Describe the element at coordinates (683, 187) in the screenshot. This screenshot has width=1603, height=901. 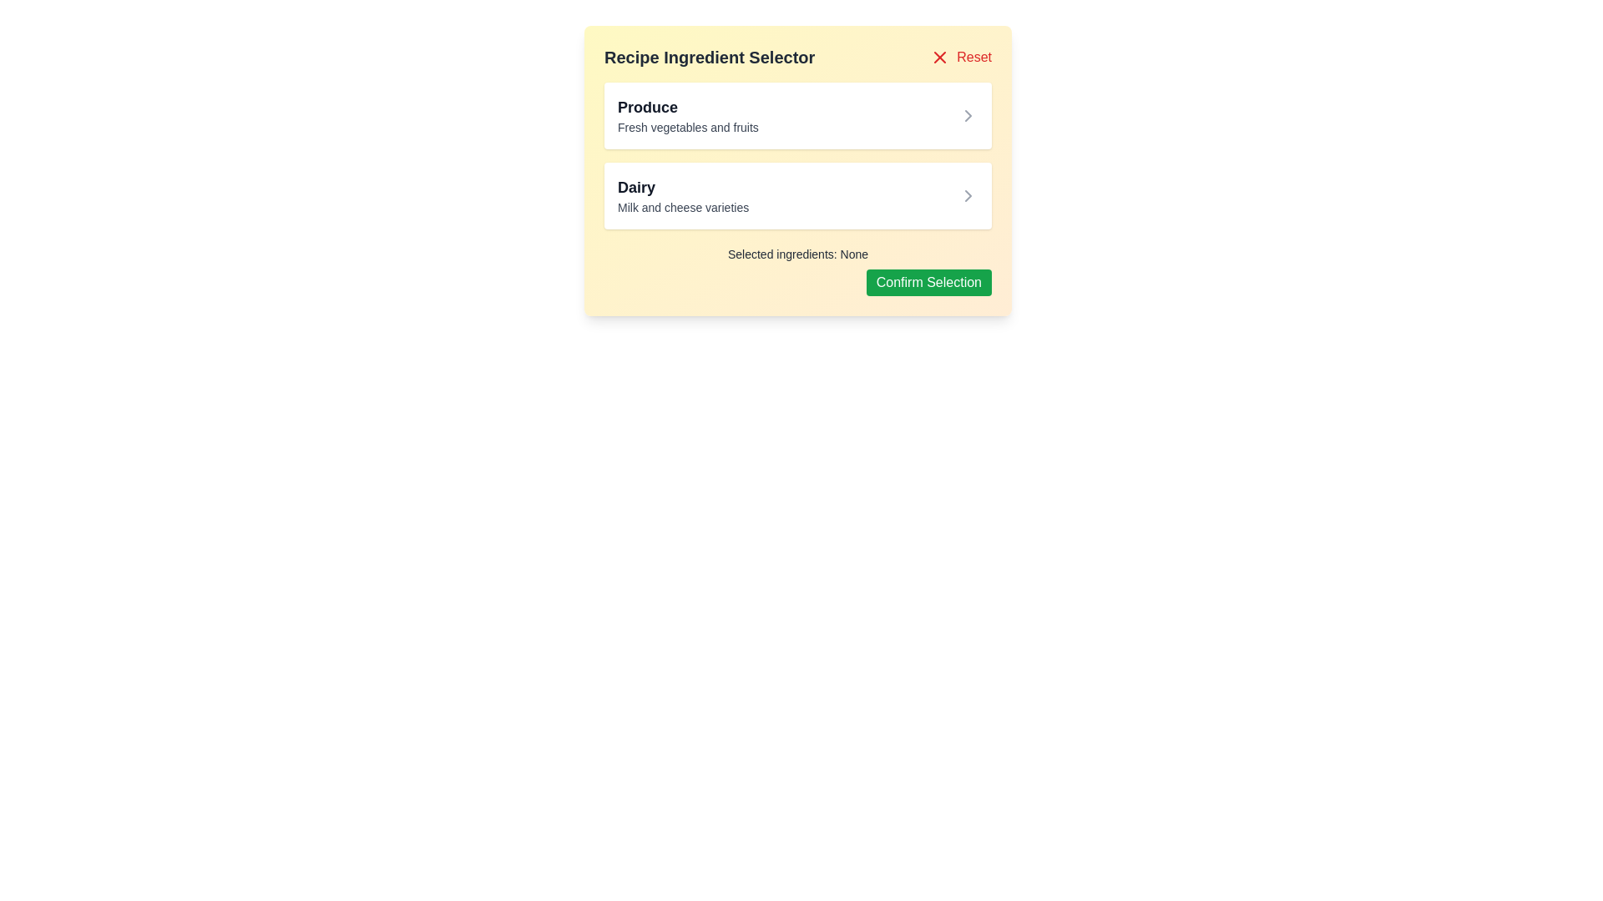
I see `the label element that serves as the title for the 'Recipe Ingredient Selector' section` at that location.